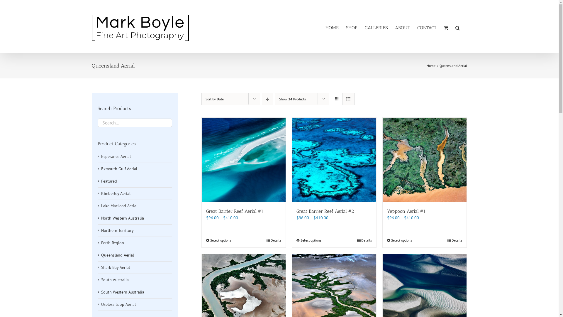 Image resolution: width=563 pixels, height=317 pixels. I want to click on 'ABOUT', so click(394, 28).